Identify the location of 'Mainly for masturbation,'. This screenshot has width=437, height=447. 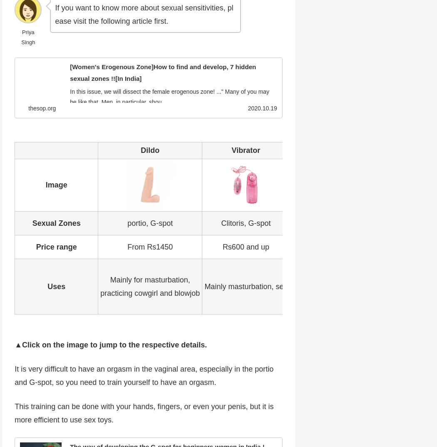
(109, 279).